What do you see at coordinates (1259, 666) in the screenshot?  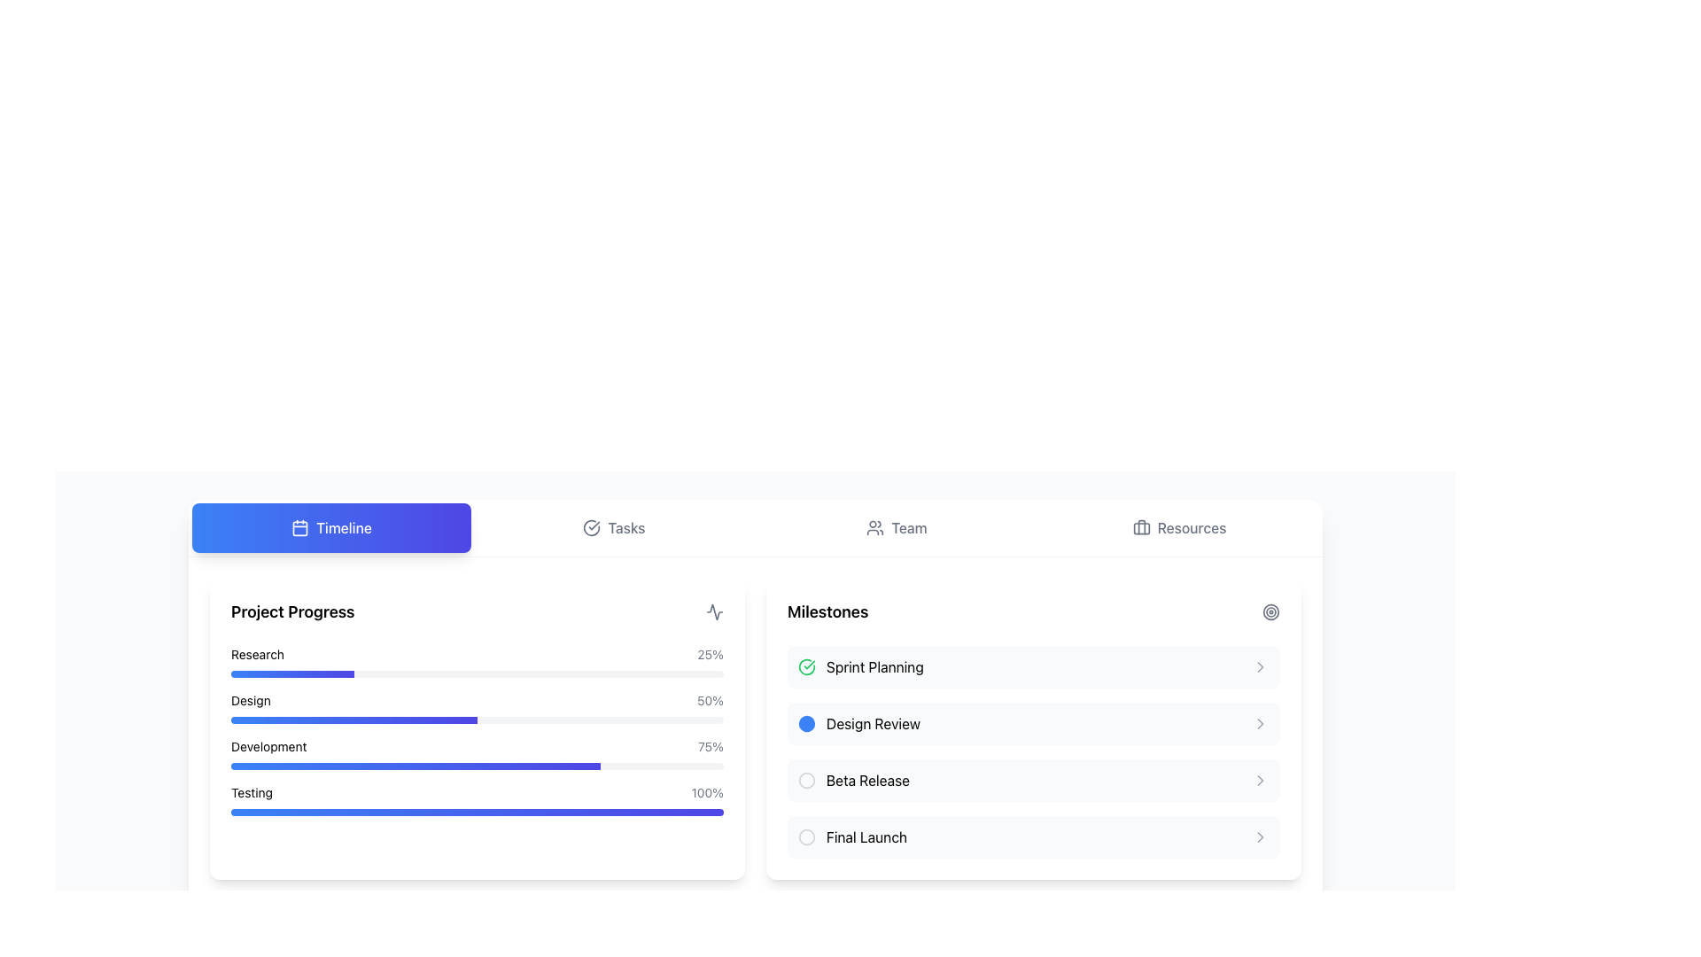 I see `the right-pointing chevron icon adjacent to 'Sprint Planning'` at bounding box center [1259, 666].